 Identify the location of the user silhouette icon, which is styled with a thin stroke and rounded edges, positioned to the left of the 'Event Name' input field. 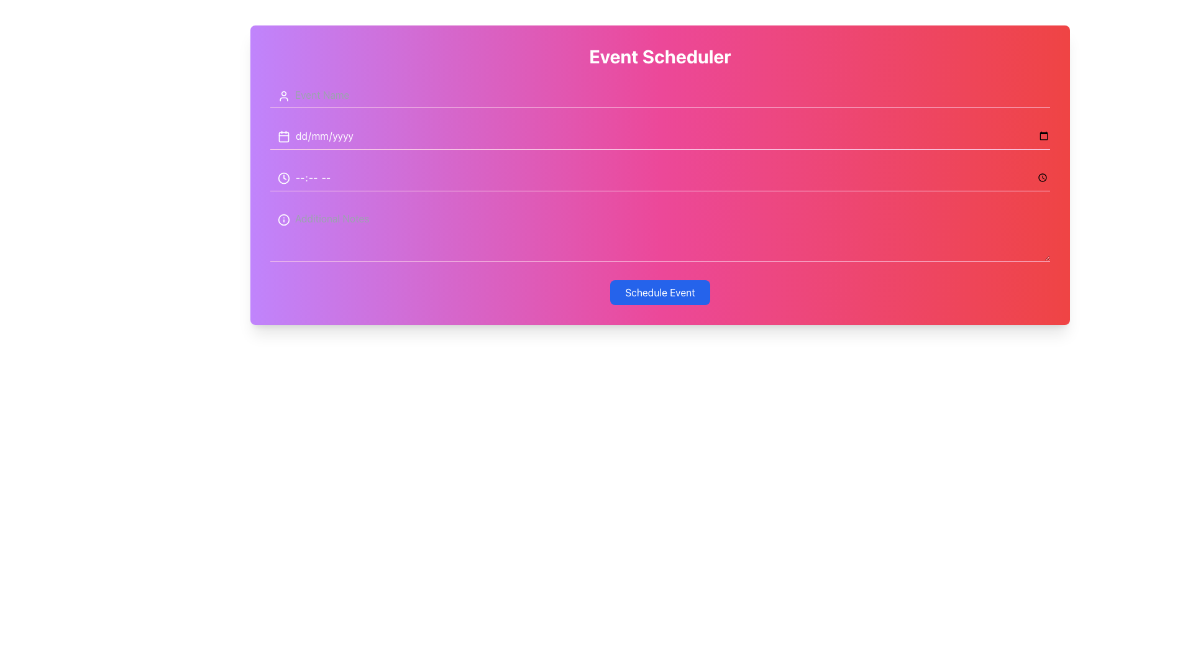
(283, 95).